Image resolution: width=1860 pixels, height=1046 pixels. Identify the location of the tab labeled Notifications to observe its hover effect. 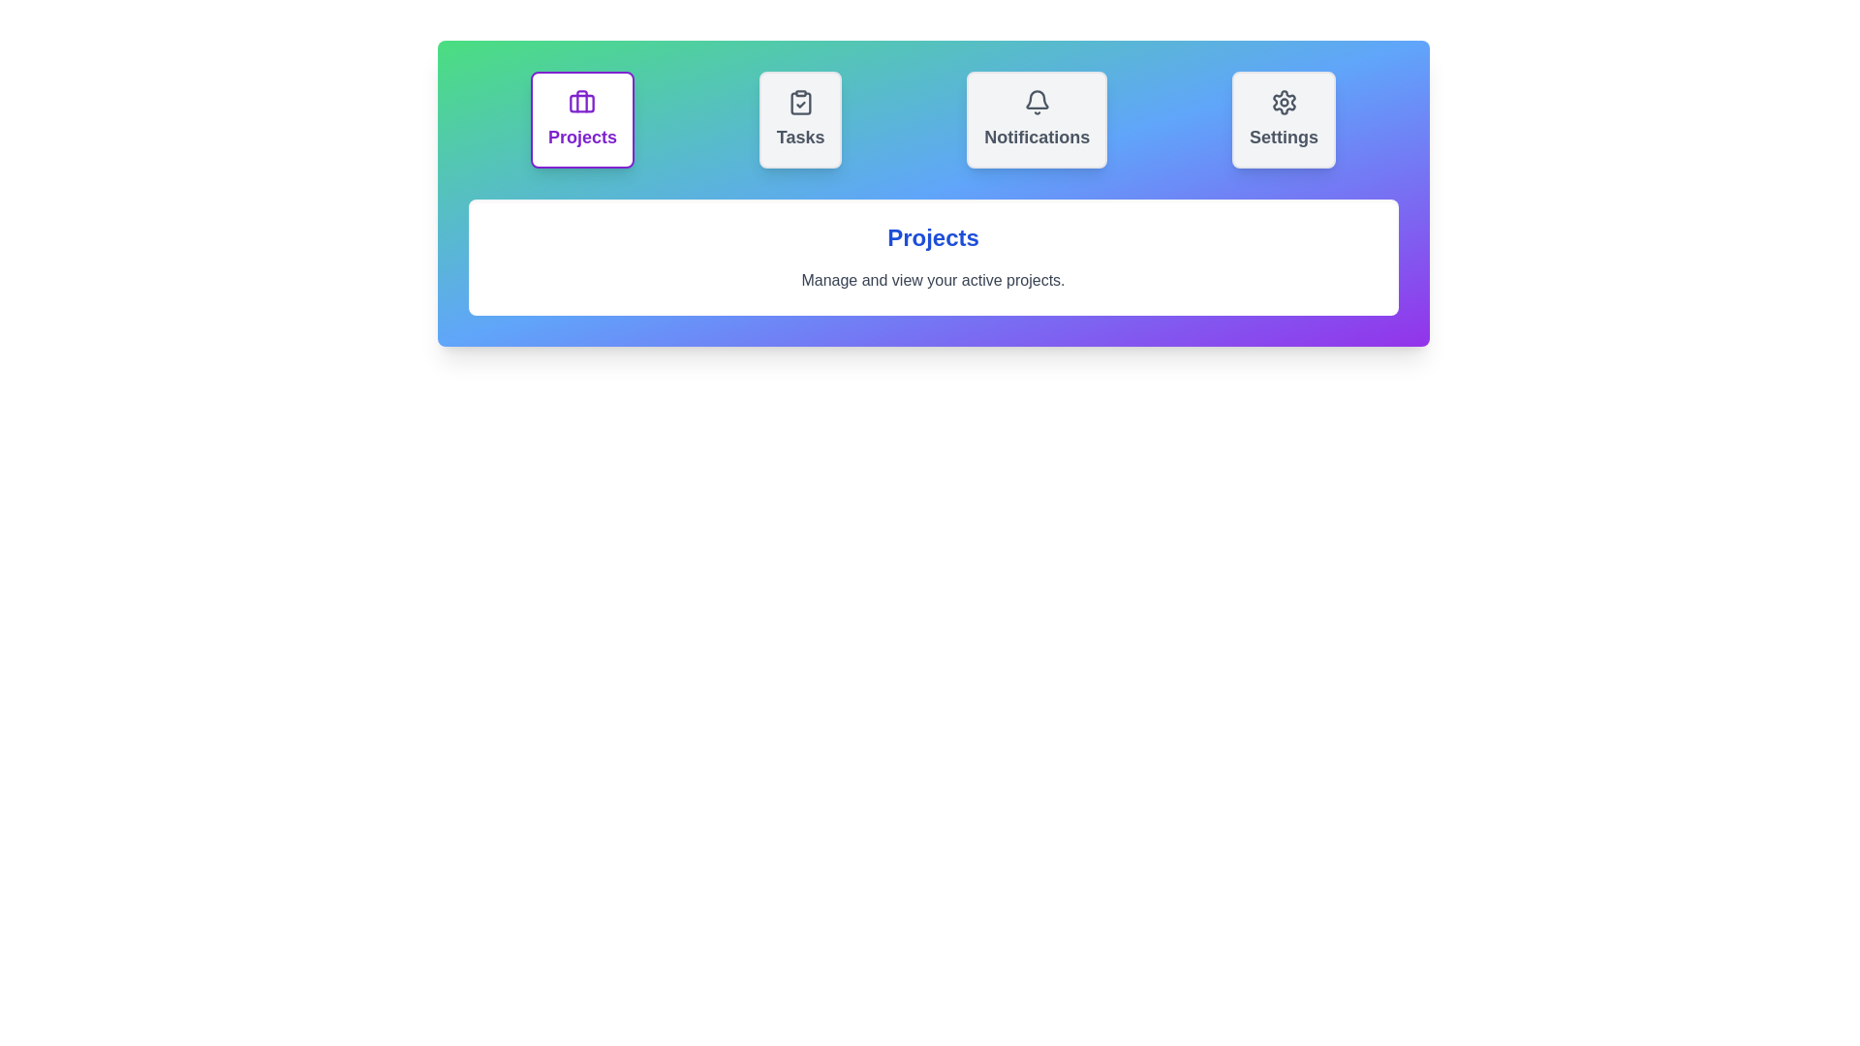
(1036, 119).